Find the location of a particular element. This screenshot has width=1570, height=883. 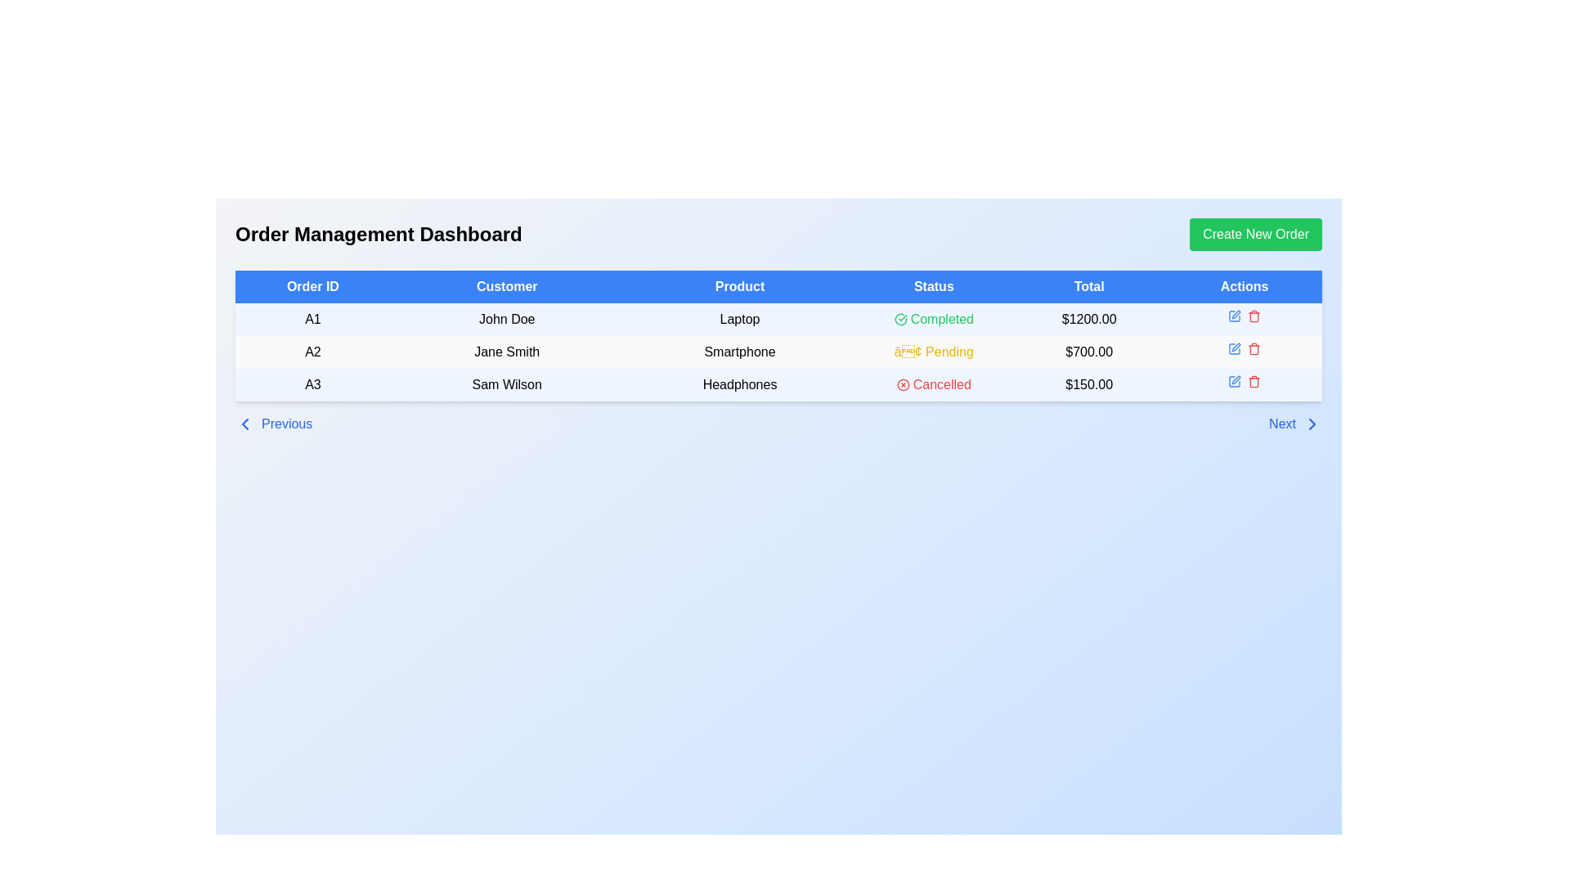

the first row of the Order Management Dashboard table, which displays order details including identification number 'A1', customer name 'John Doe', product 'Laptop', order status 'Completed', and total cost '$1200.00' is located at coordinates (778, 319).